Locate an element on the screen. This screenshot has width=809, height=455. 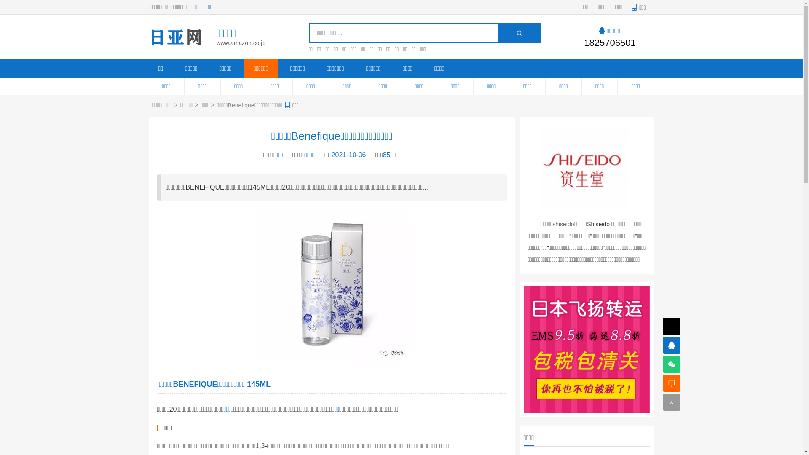
'2021-10-06' is located at coordinates (331, 155).